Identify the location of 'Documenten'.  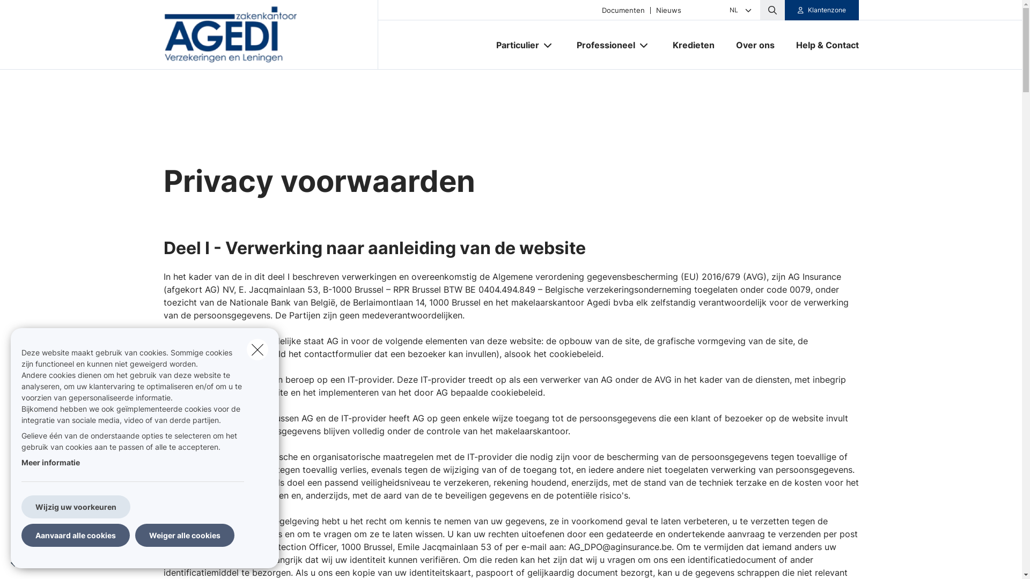
(623, 10).